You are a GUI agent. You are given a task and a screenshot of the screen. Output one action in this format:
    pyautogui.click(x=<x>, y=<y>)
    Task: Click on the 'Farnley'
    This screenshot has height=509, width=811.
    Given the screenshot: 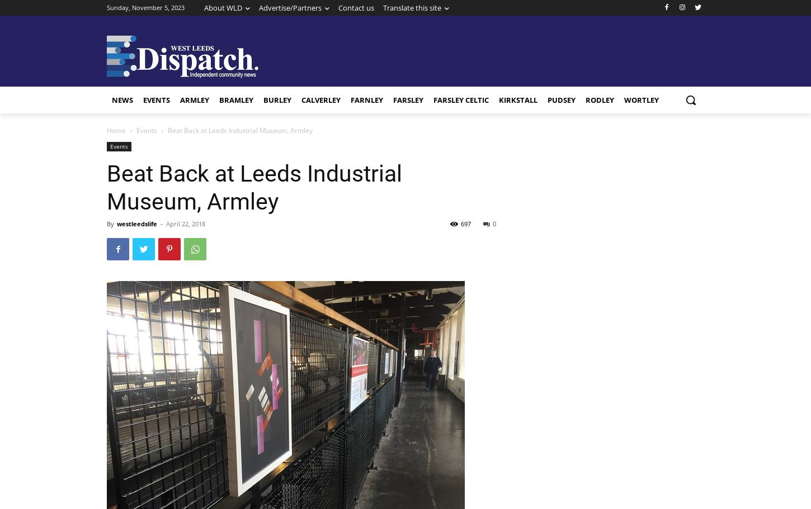 What is the action you would take?
    pyautogui.click(x=366, y=99)
    